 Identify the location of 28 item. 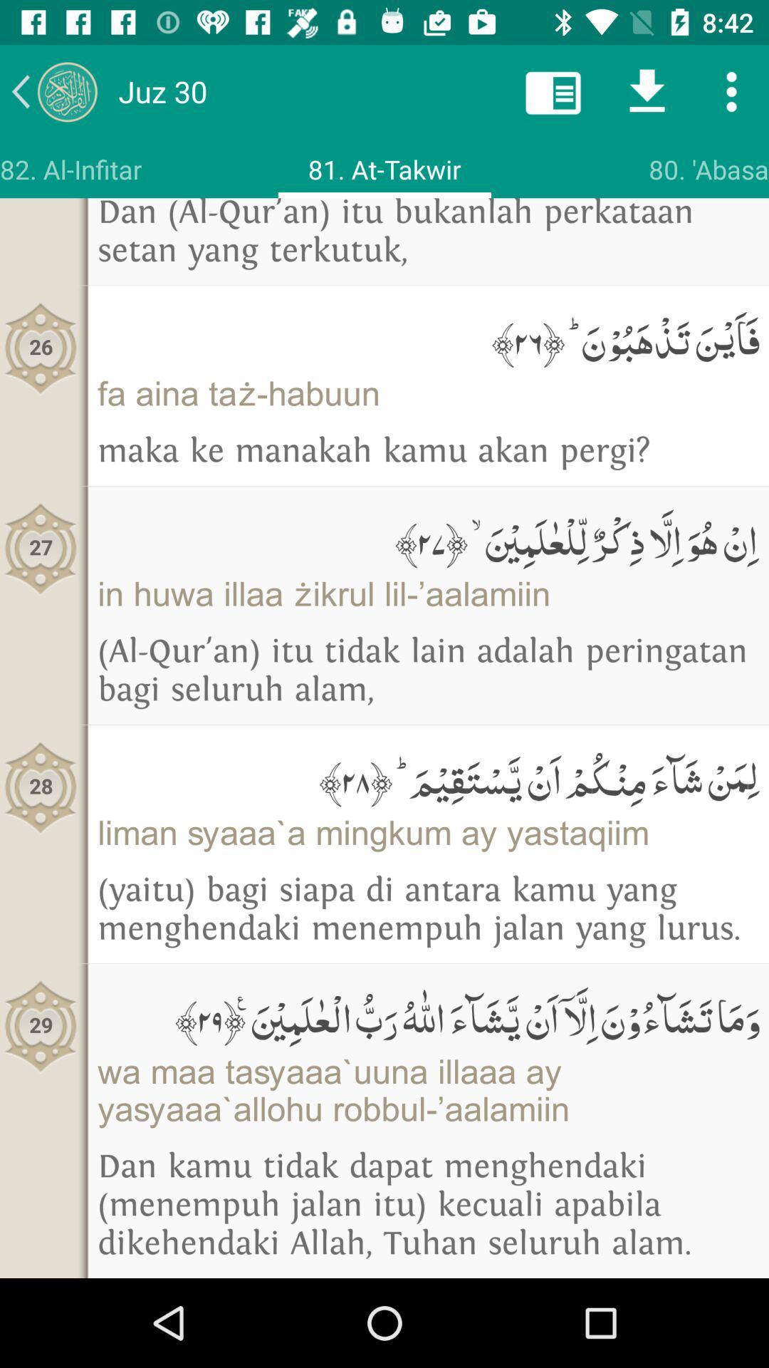
(40, 787).